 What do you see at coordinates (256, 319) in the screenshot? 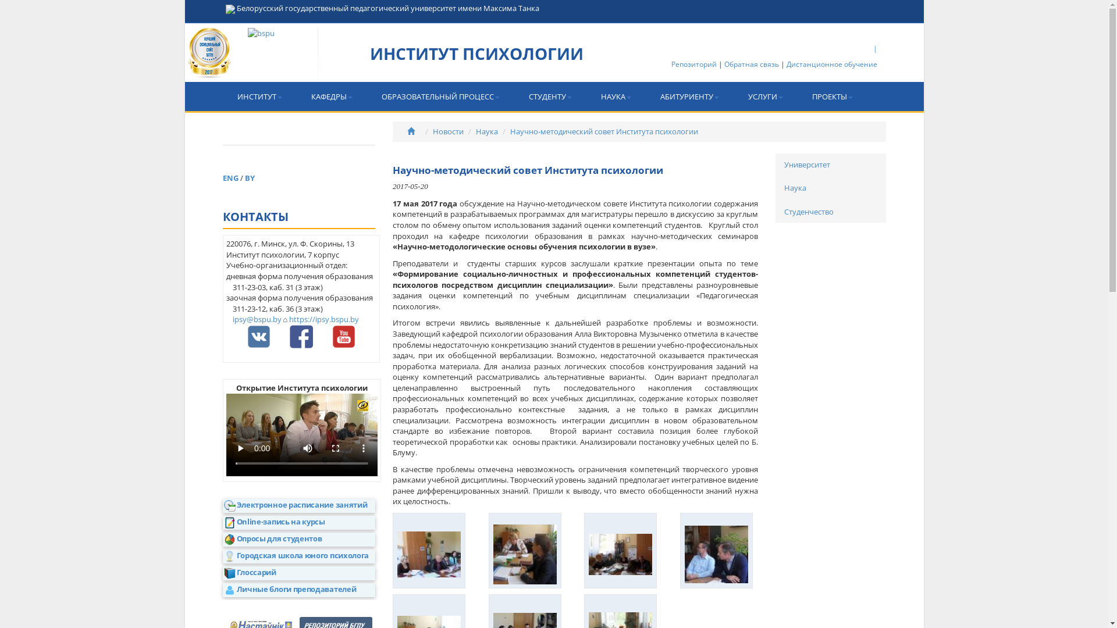
I see `'ipsy@bspu.by'` at bounding box center [256, 319].